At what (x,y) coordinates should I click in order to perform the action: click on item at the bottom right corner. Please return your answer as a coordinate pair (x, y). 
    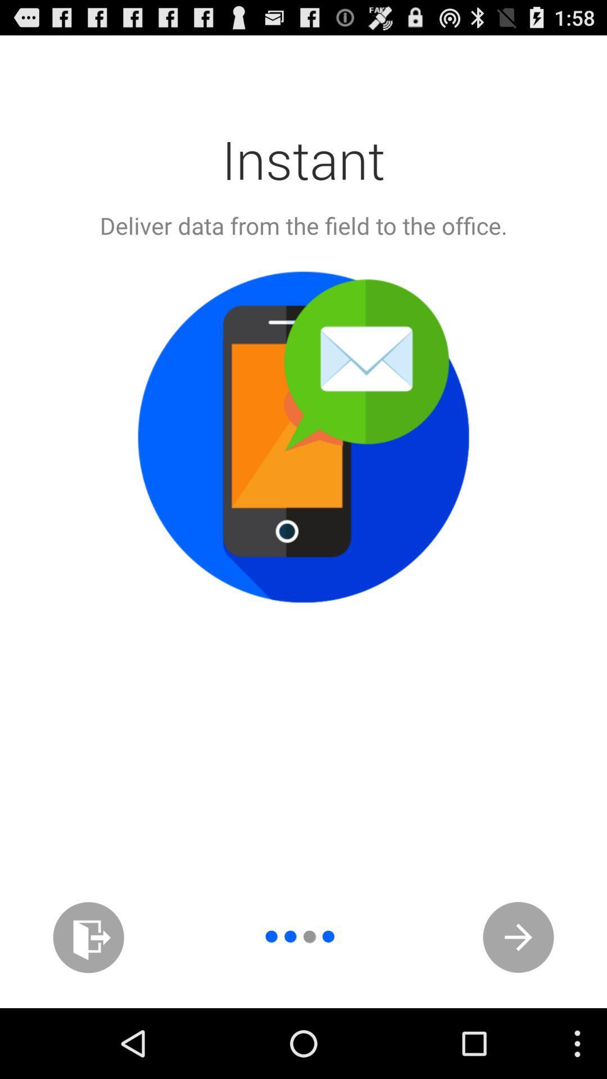
    Looking at the image, I should click on (518, 937).